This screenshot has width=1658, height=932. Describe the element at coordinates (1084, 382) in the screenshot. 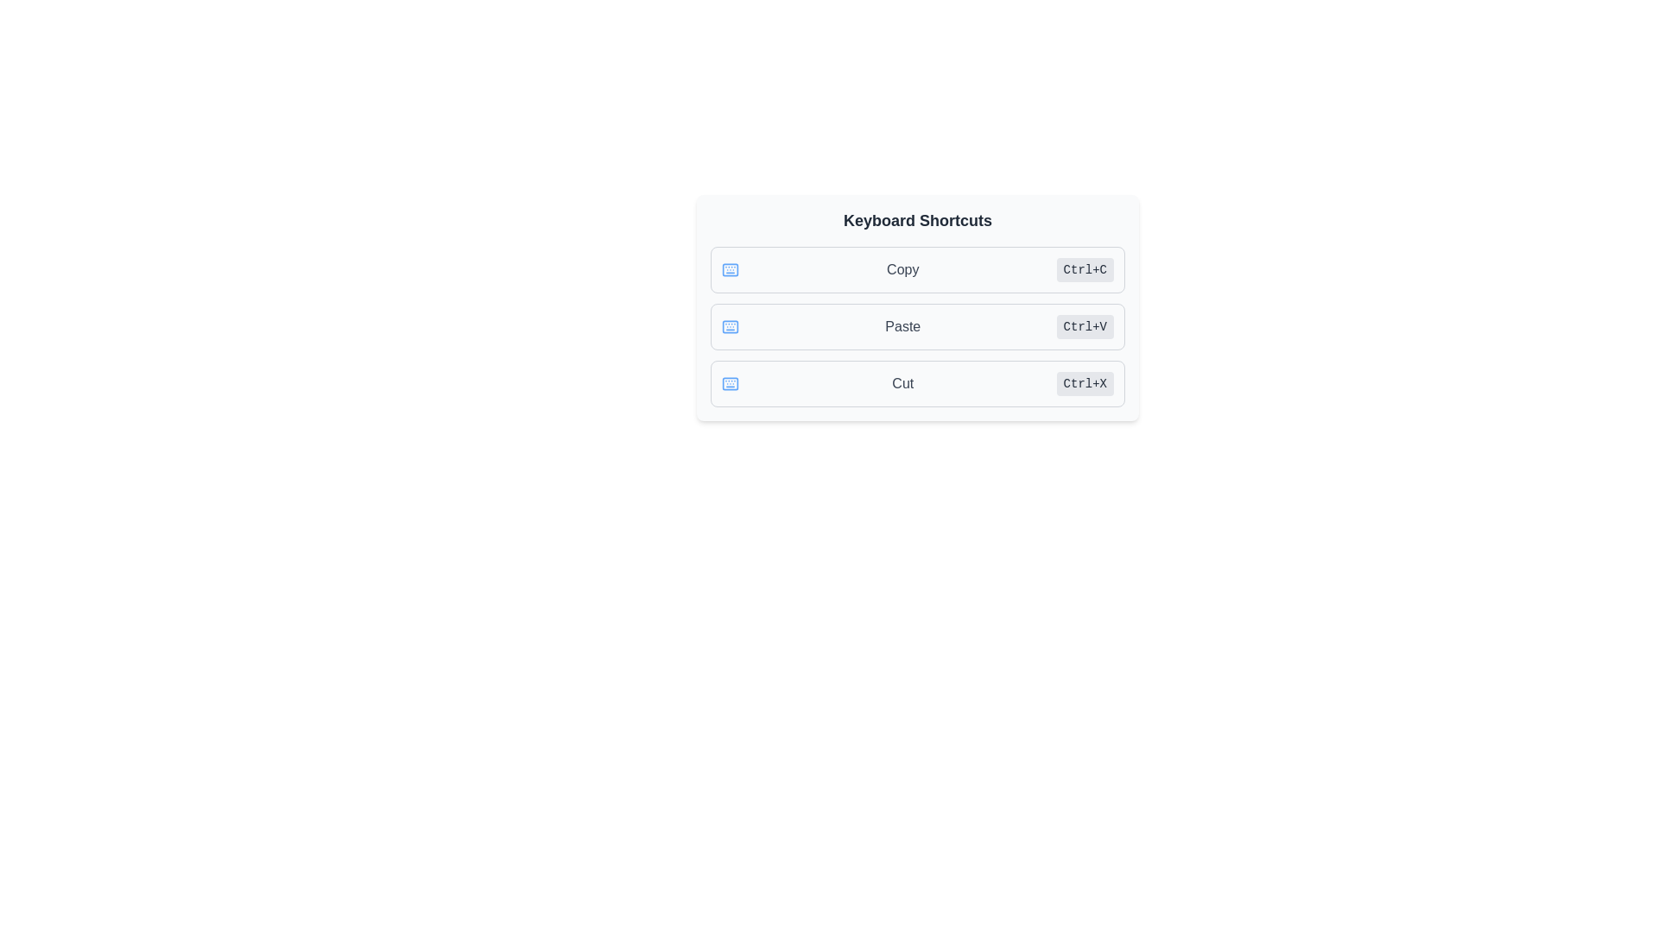

I see `the keyboard shortcut label for 'Cut' operation ('Ctrl+X') which is positioned to the far right of the 'Cut' text label in the vertical list menu` at that location.